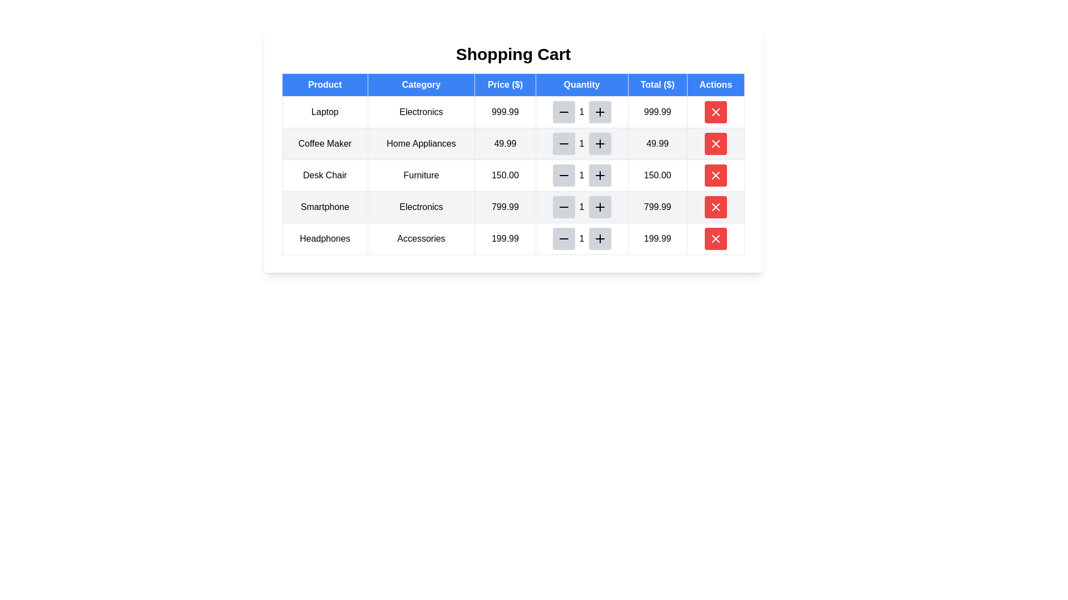 The width and height of the screenshot is (1068, 600). Describe the element at coordinates (657, 238) in the screenshot. I see `the static text element displaying the total price for the 'Headphones' product, located in the last row of the table under the 'Total ($)' column` at that location.